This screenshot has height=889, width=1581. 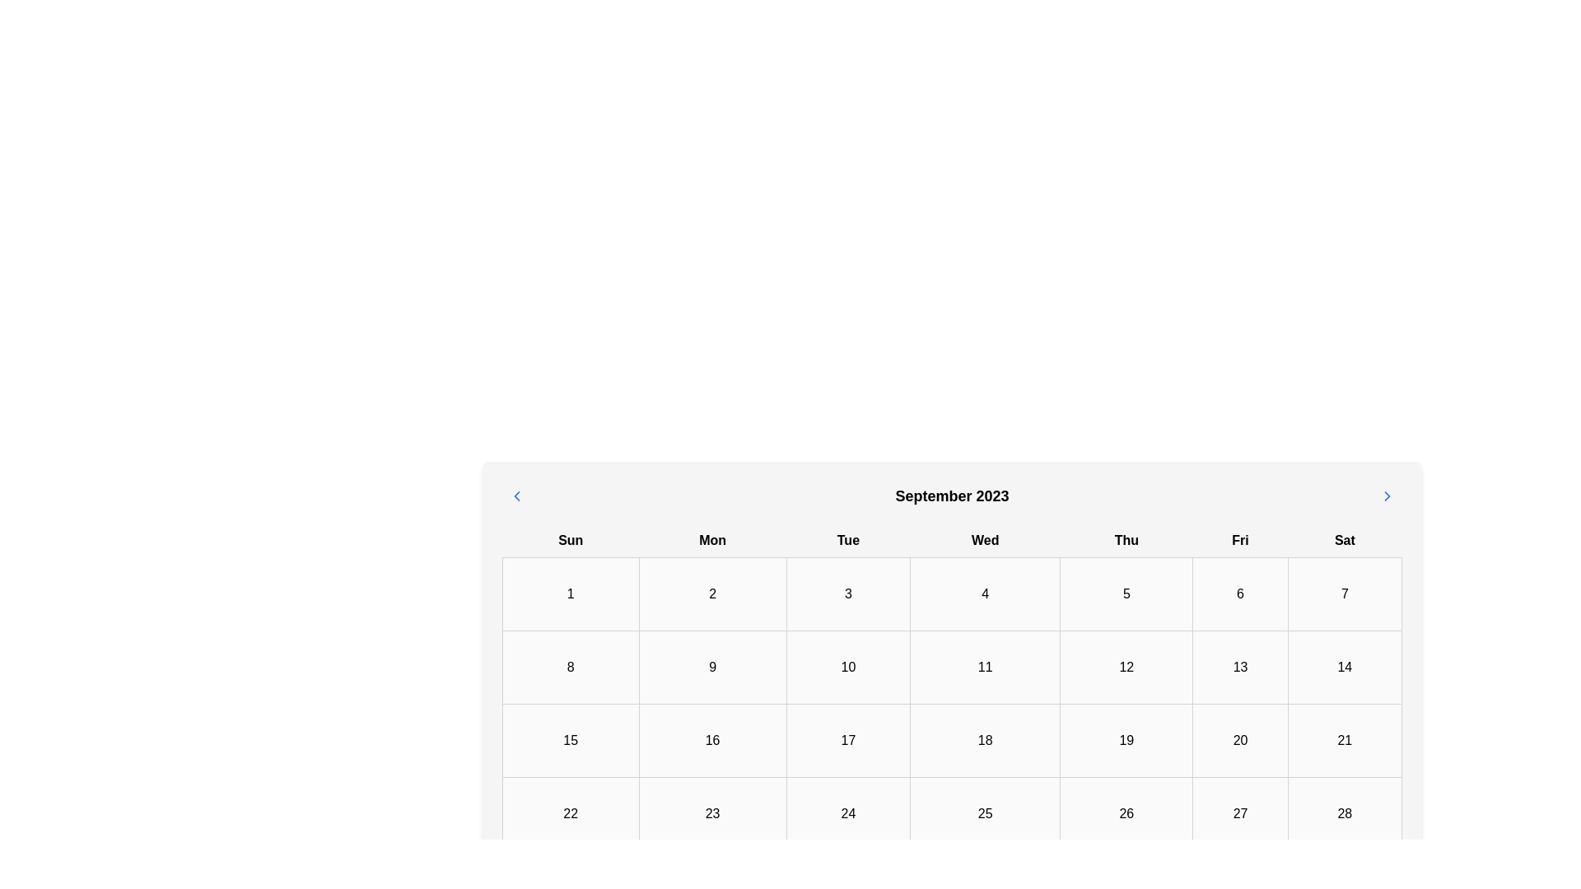 I want to click on the label displaying 'Sun' in bold black font, located at the far left of the calendar header, so click(x=571, y=541).